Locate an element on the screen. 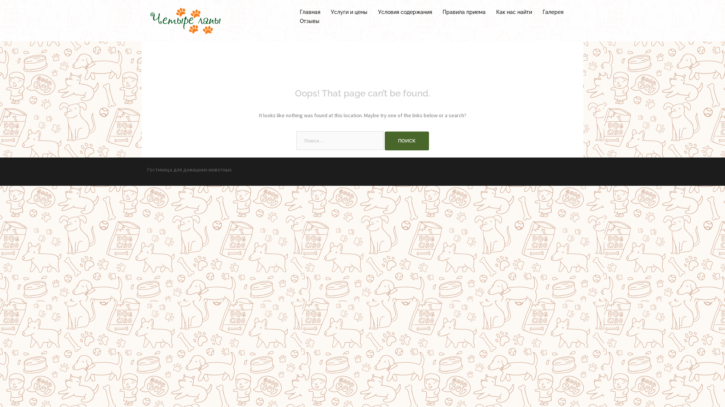 Image resolution: width=725 pixels, height=407 pixels. 'Skip to content' is located at coordinates (0, 0).